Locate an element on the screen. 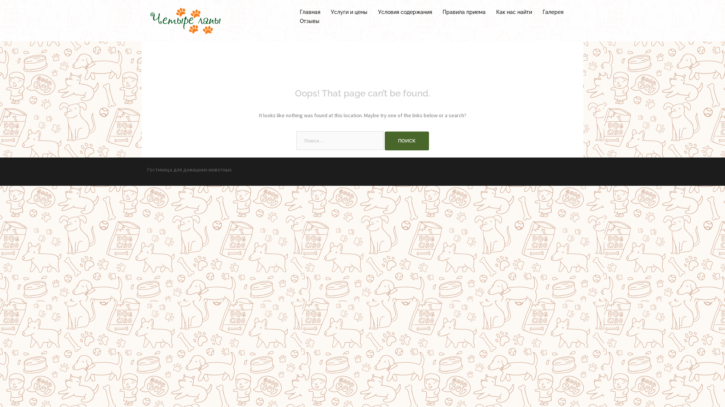 Image resolution: width=725 pixels, height=407 pixels. 'Skip to content' is located at coordinates (0, 0).